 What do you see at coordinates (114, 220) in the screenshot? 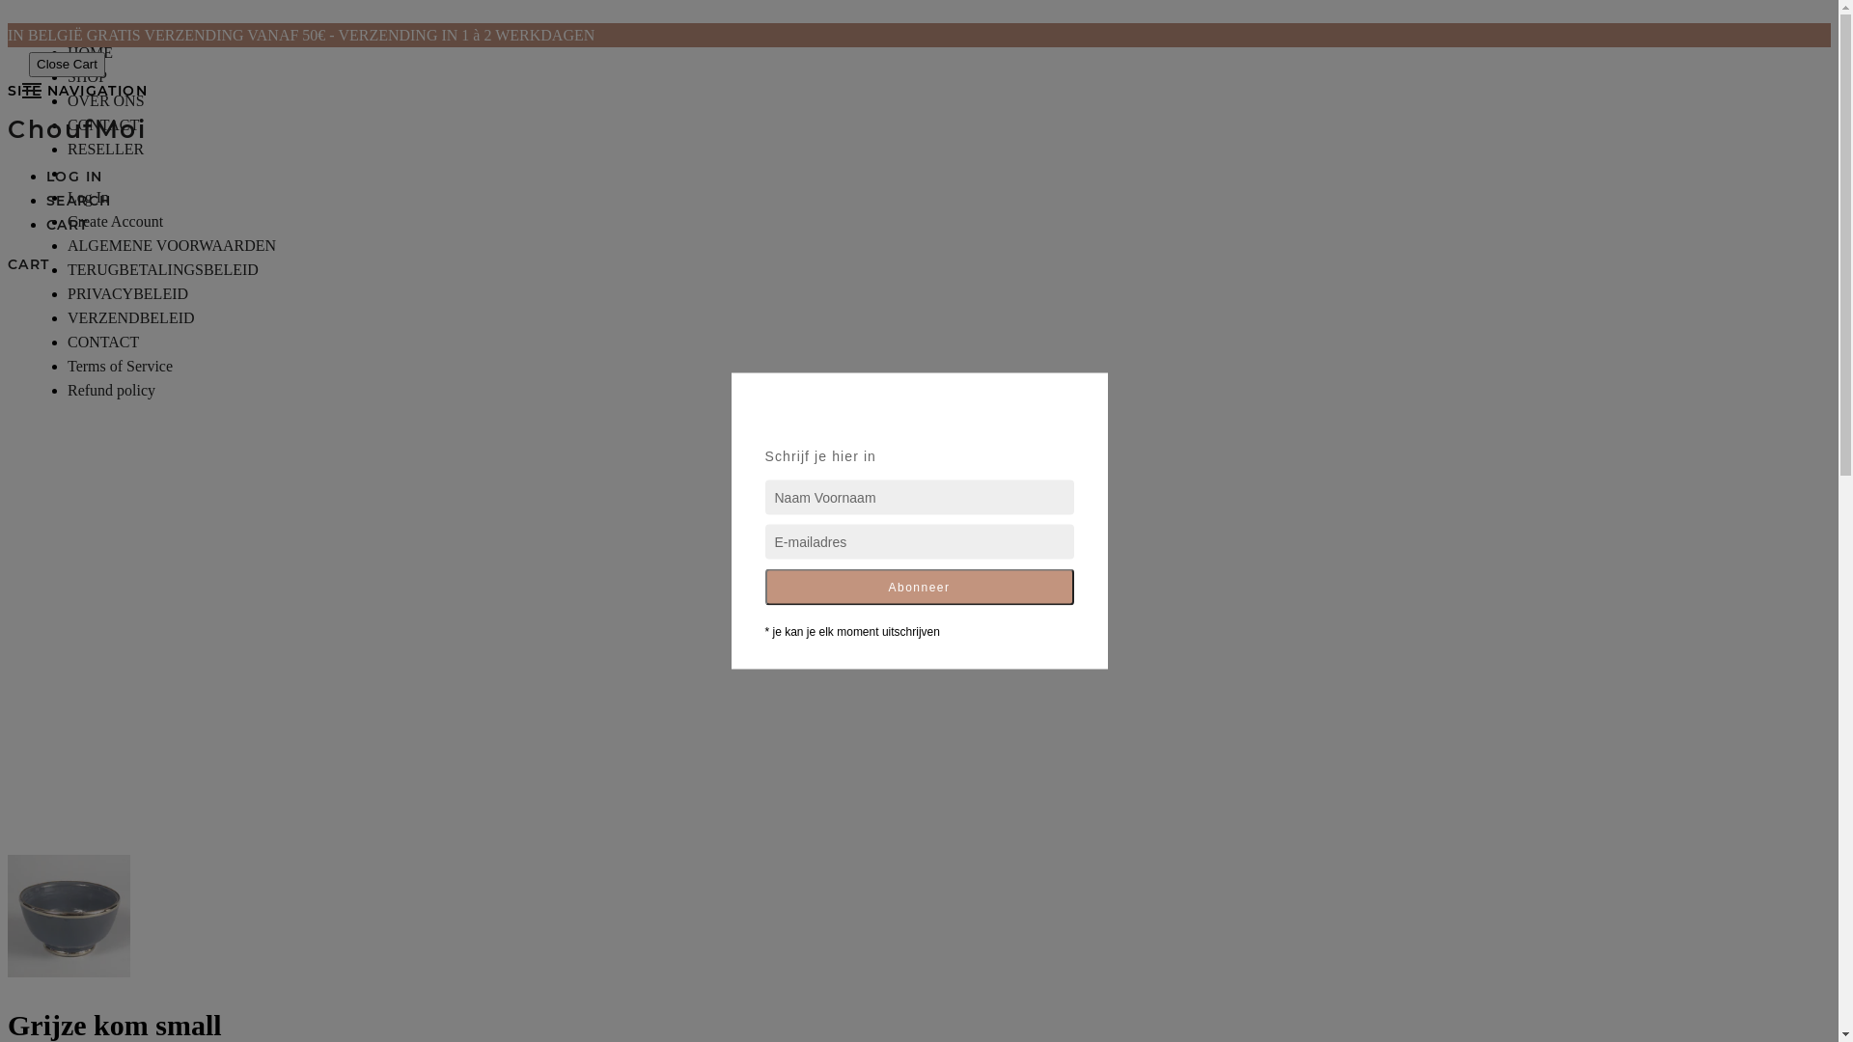
I see `'Create Account'` at bounding box center [114, 220].